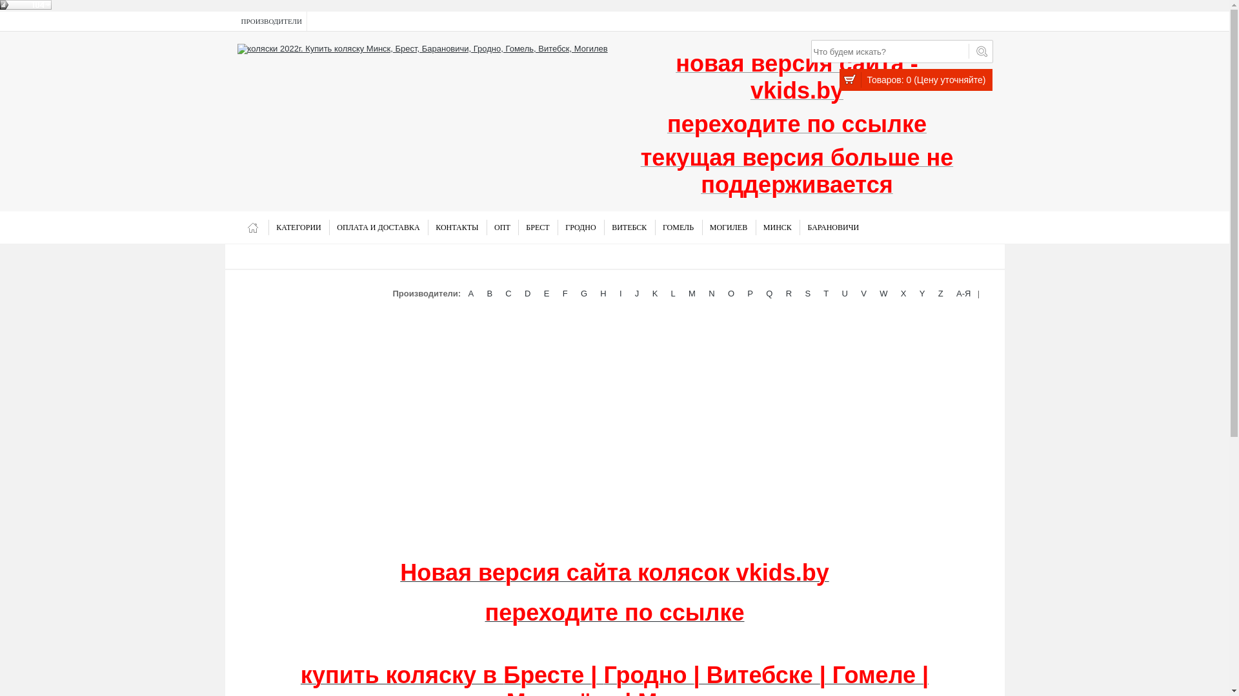 This screenshot has height=696, width=1239. Describe the element at coordinates (711, 293) in the screenshot. I see `'N'` at that location.